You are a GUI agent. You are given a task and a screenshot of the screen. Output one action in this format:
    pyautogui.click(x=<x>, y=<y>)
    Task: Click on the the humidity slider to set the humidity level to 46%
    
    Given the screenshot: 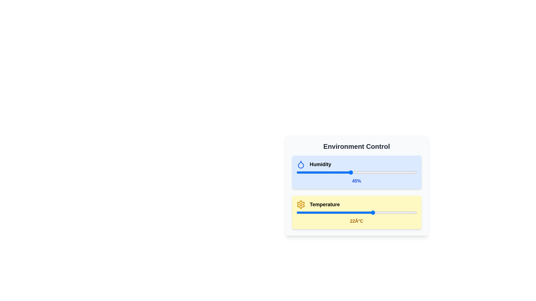 What is the action you would take?
    pyautogui.click(x=351, y=172)
    